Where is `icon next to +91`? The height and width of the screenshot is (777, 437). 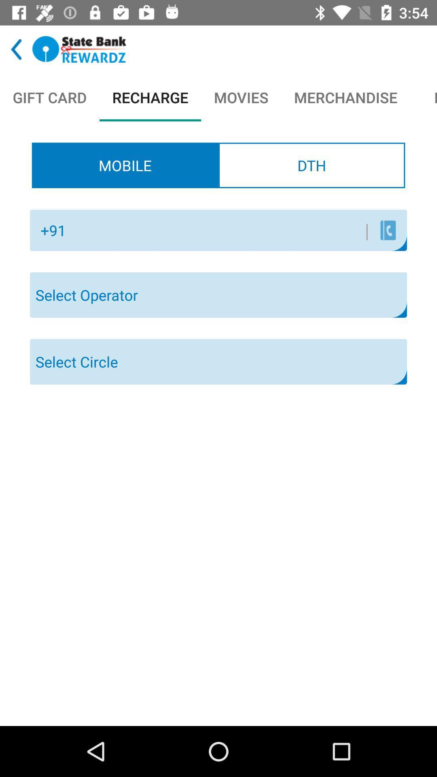 icon next to +91 is located at coordinates (221, 230).